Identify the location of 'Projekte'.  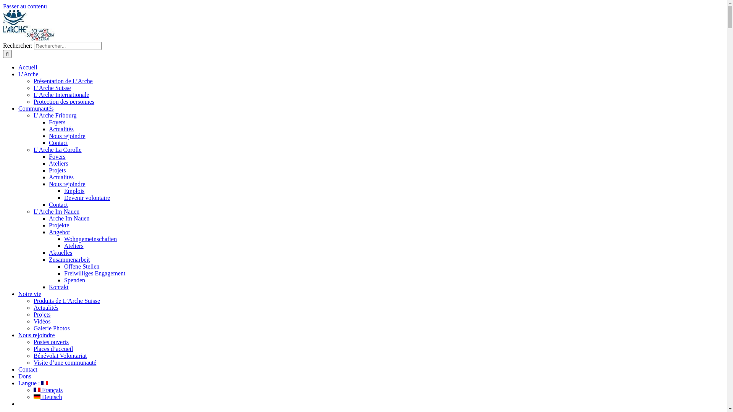
(58, 225).